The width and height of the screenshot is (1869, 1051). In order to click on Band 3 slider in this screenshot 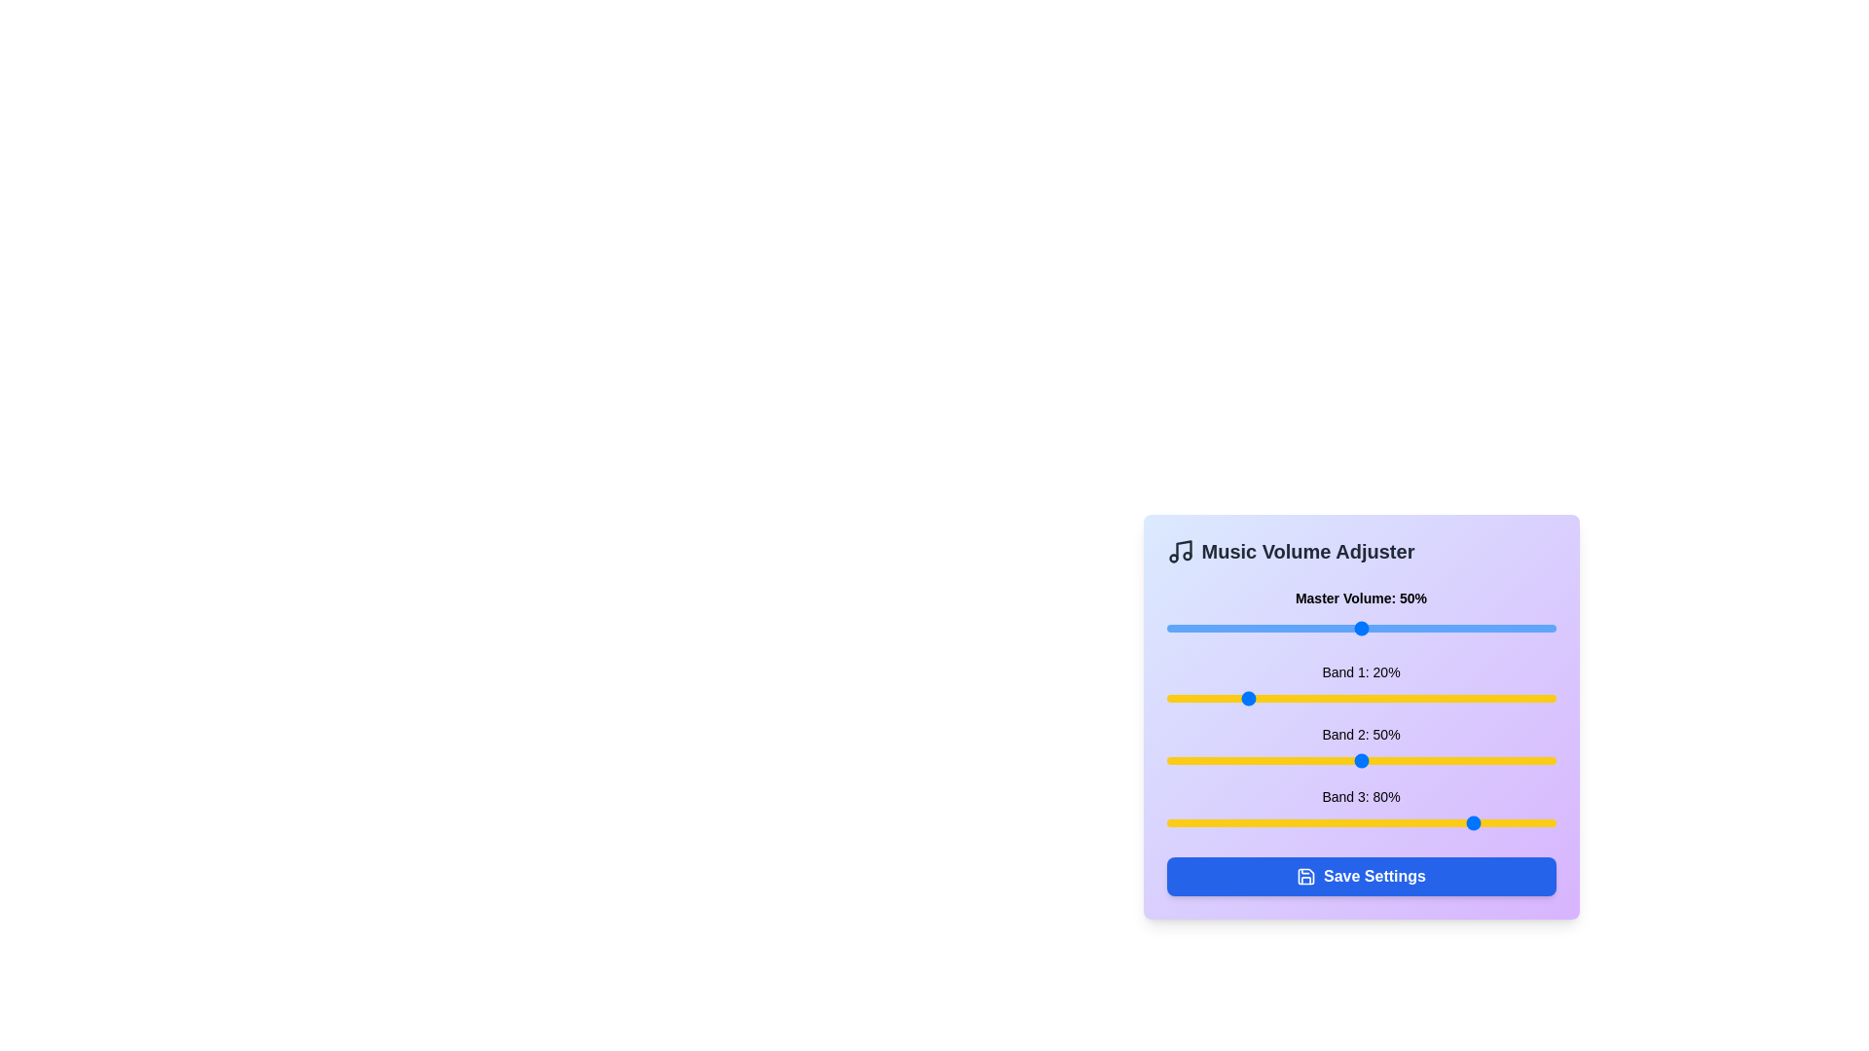, I will do `click(1500, 822)`.